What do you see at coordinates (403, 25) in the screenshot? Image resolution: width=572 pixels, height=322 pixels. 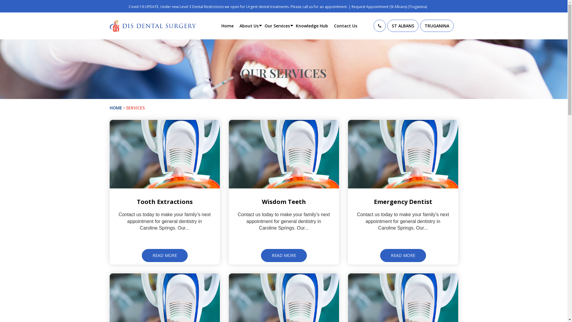 I see `'ST ALBANS'` at bounding box center [403, 25].